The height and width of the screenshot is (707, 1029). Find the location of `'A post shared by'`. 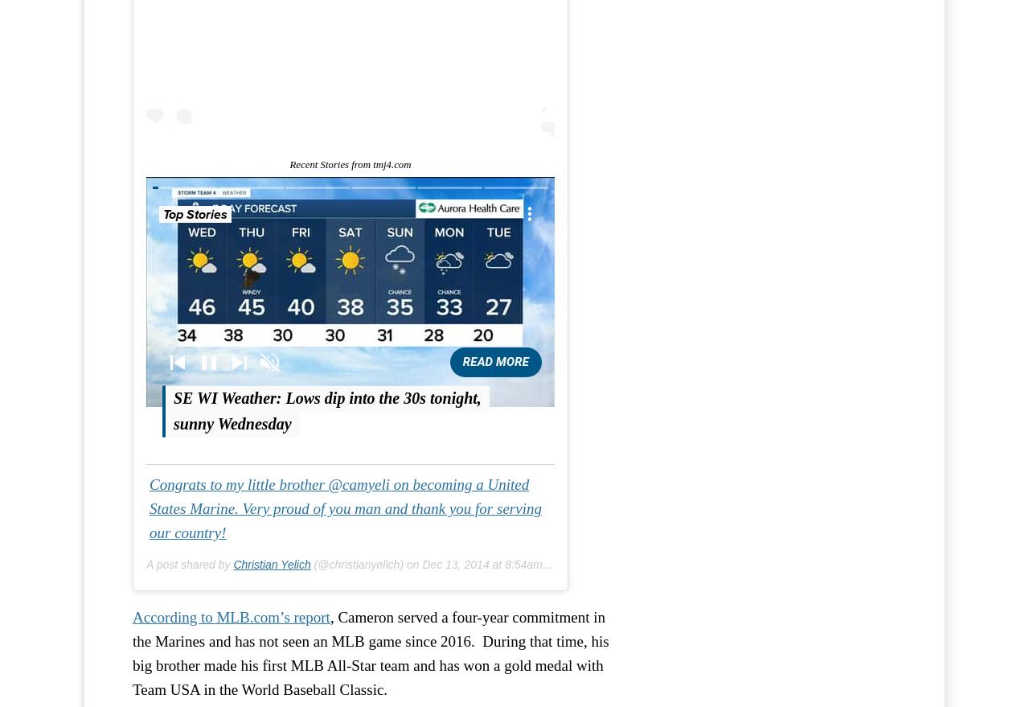

'A post shared by' is located at coordinates (190, 564).